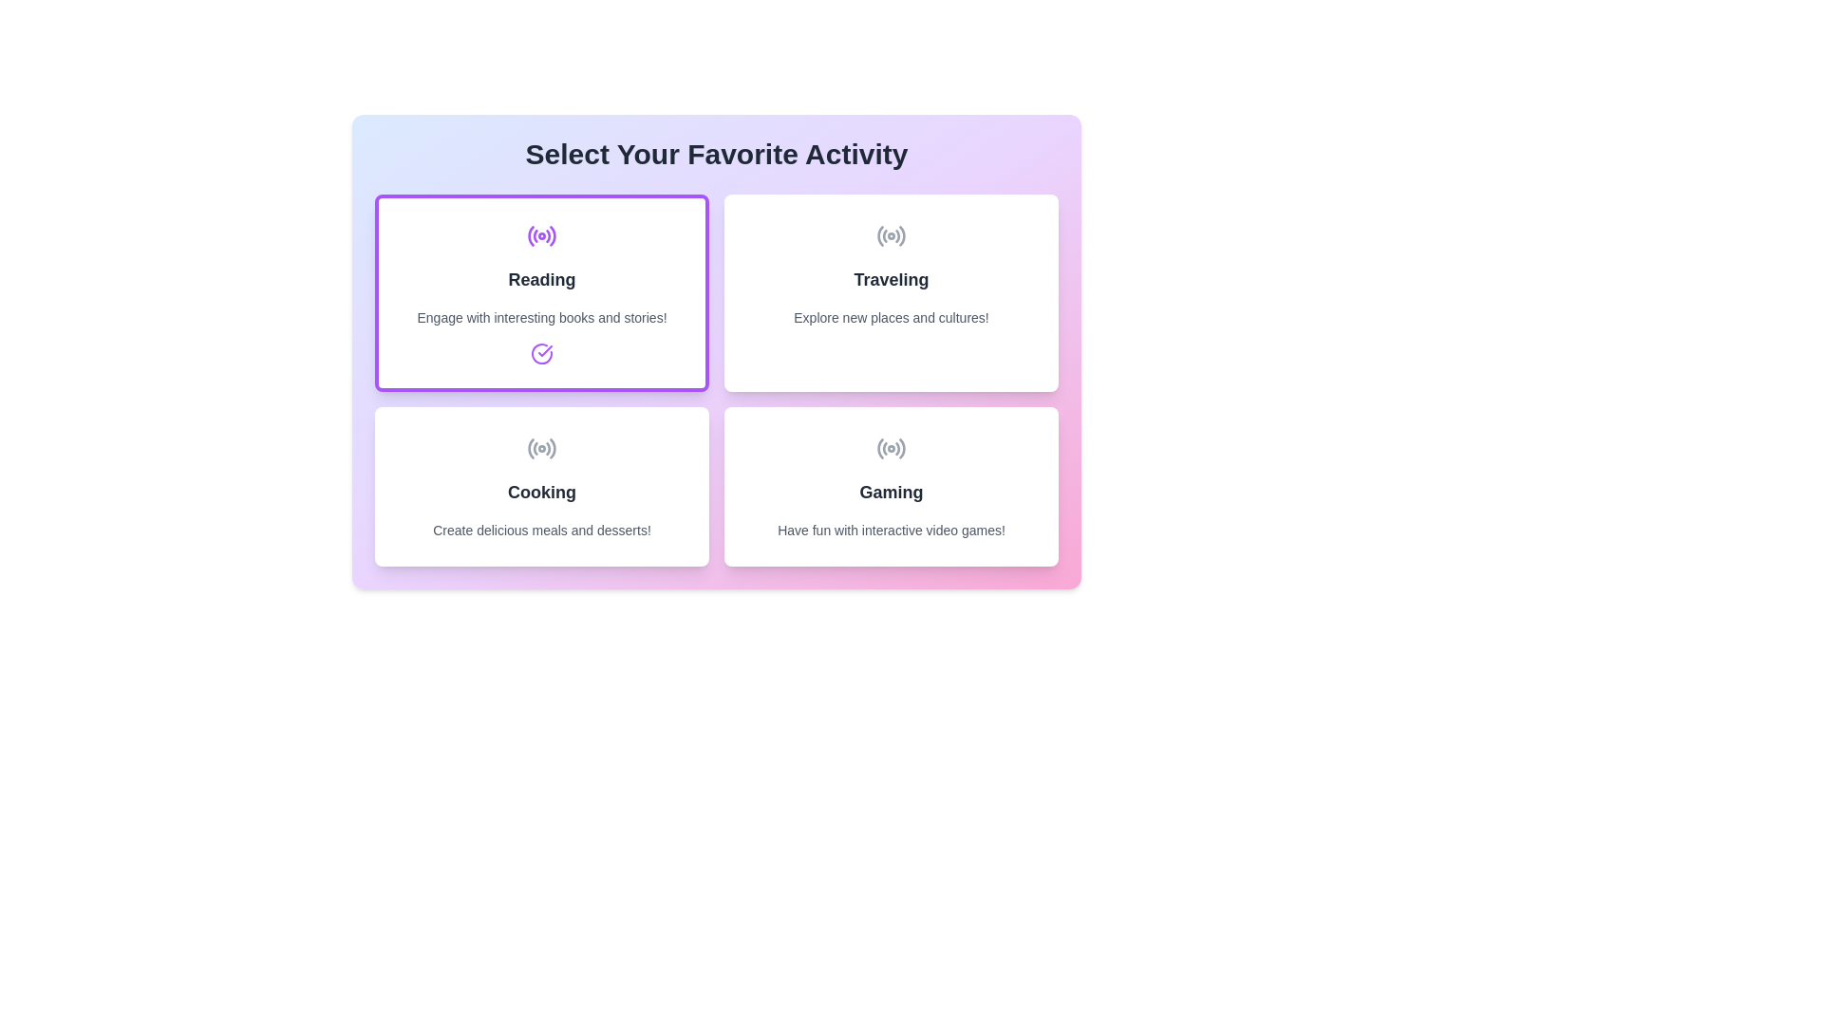 Image resolution: width=1823 pixels, height=1025 pixels. Describe the element at coordinates (891, 279) in the screenshot. I see `the text label that serves as the title of the 'Traveling' activity card, located in the second card of a 2x2 grid layout` at that location.